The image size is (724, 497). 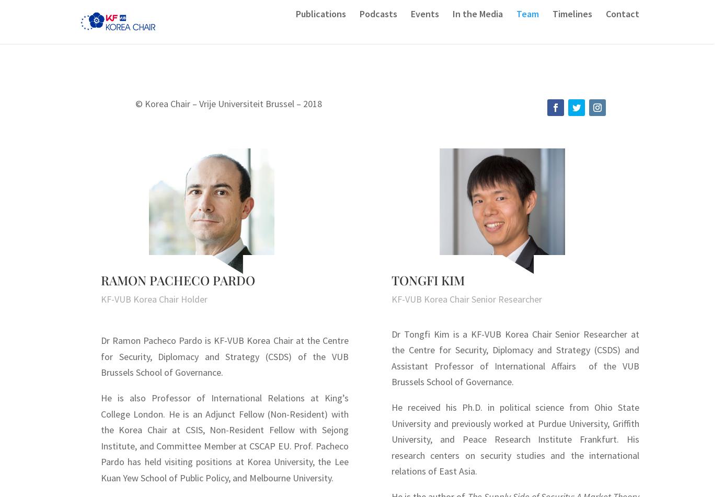 What do you see at coordinates (359, 29) in the screenshot?
I see `'Podcasts'` at bounding box center [359, 29].